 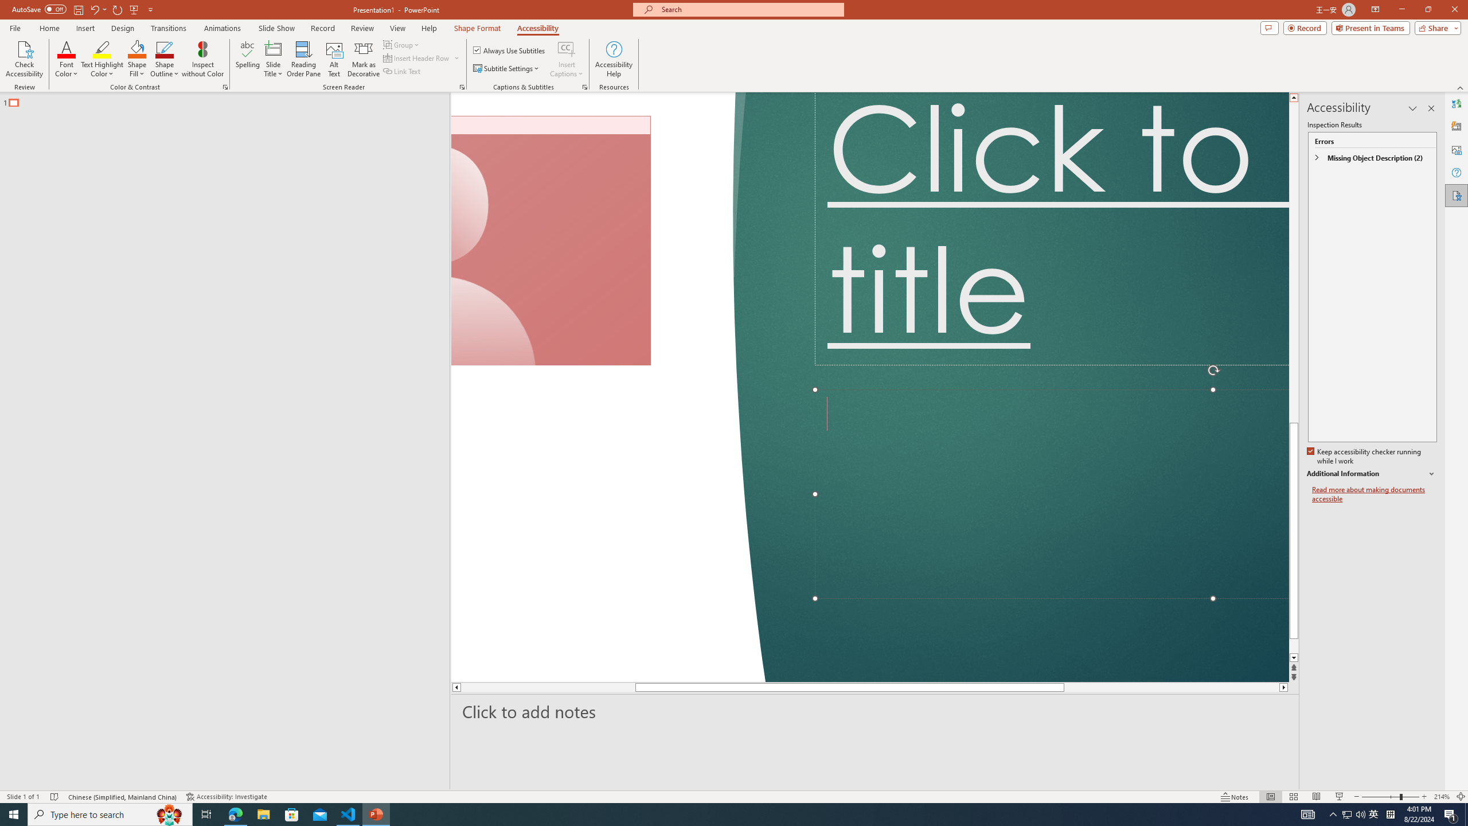 I want to click on 'Insert Captions', so click(x=566, y=48).